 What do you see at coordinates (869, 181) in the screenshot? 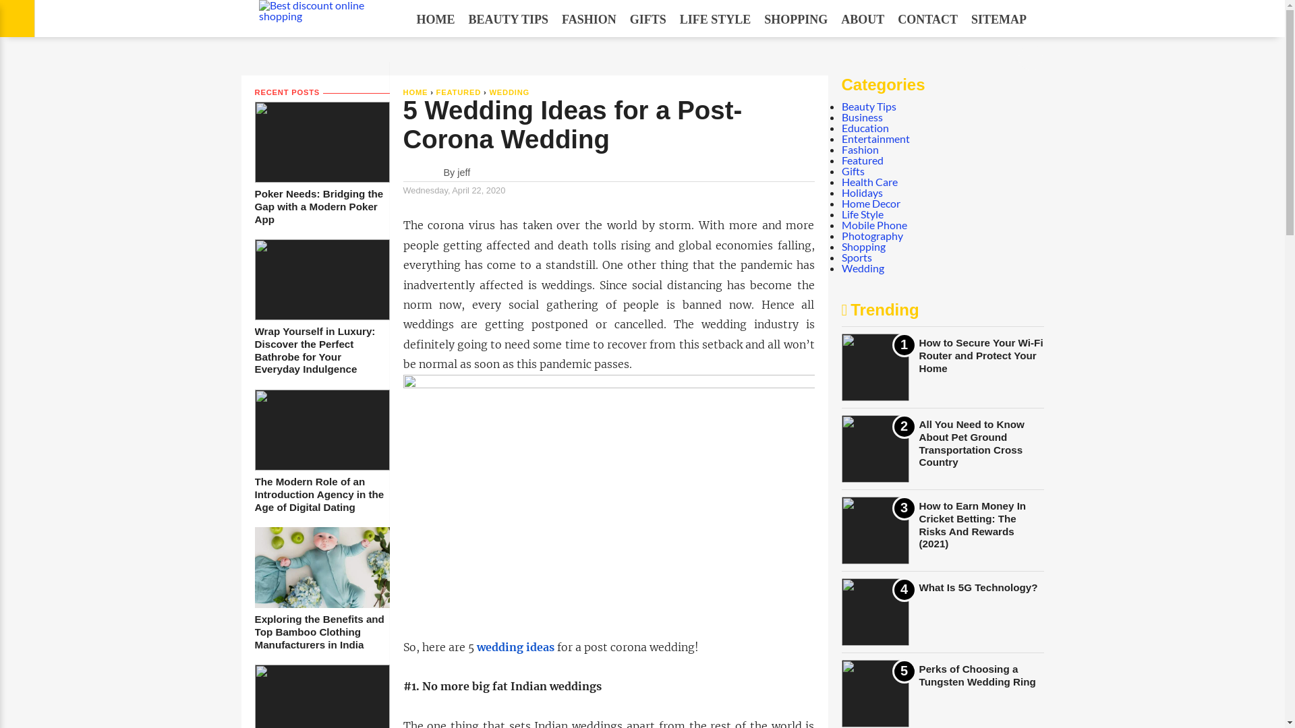
I see `'Health Care'` at bounding box center [869, 181].